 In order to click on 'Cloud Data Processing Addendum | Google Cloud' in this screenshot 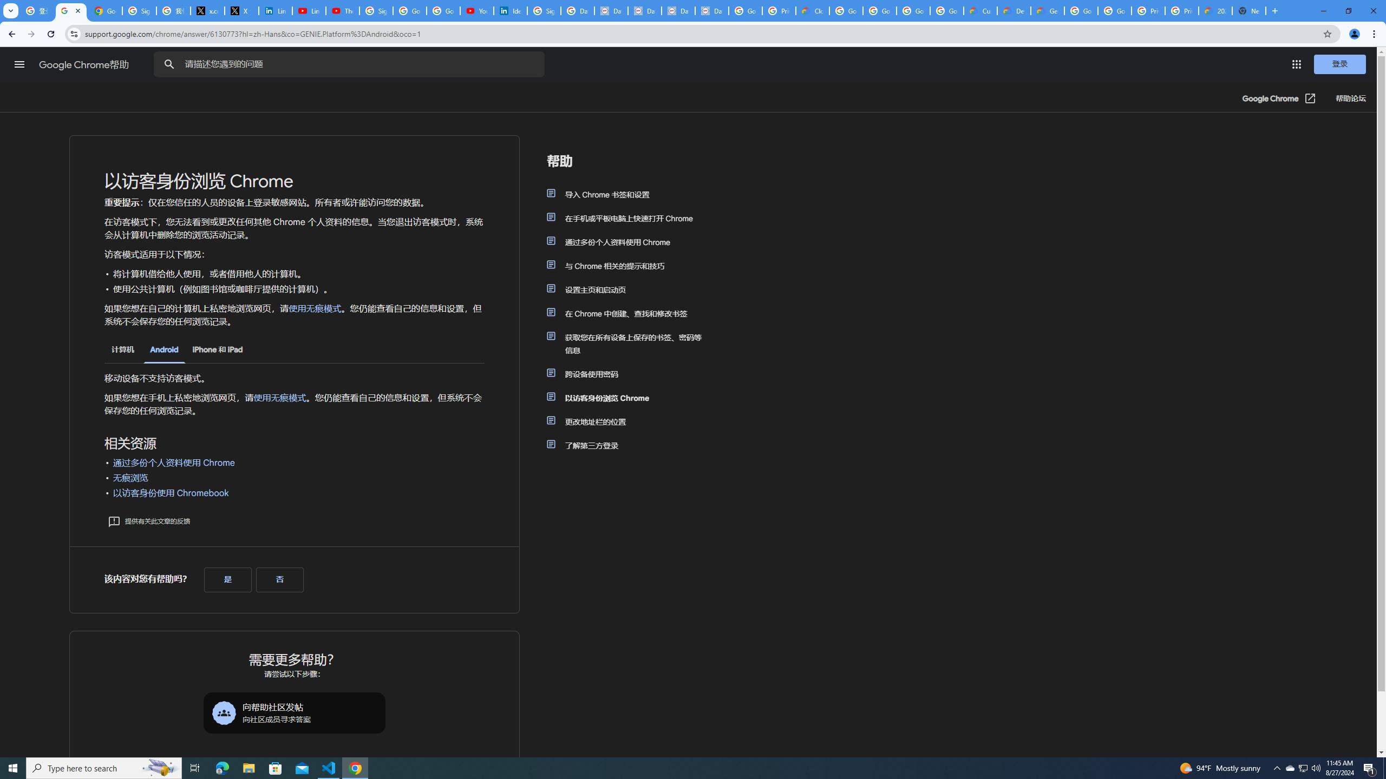, I will do `click(812, 10)`.